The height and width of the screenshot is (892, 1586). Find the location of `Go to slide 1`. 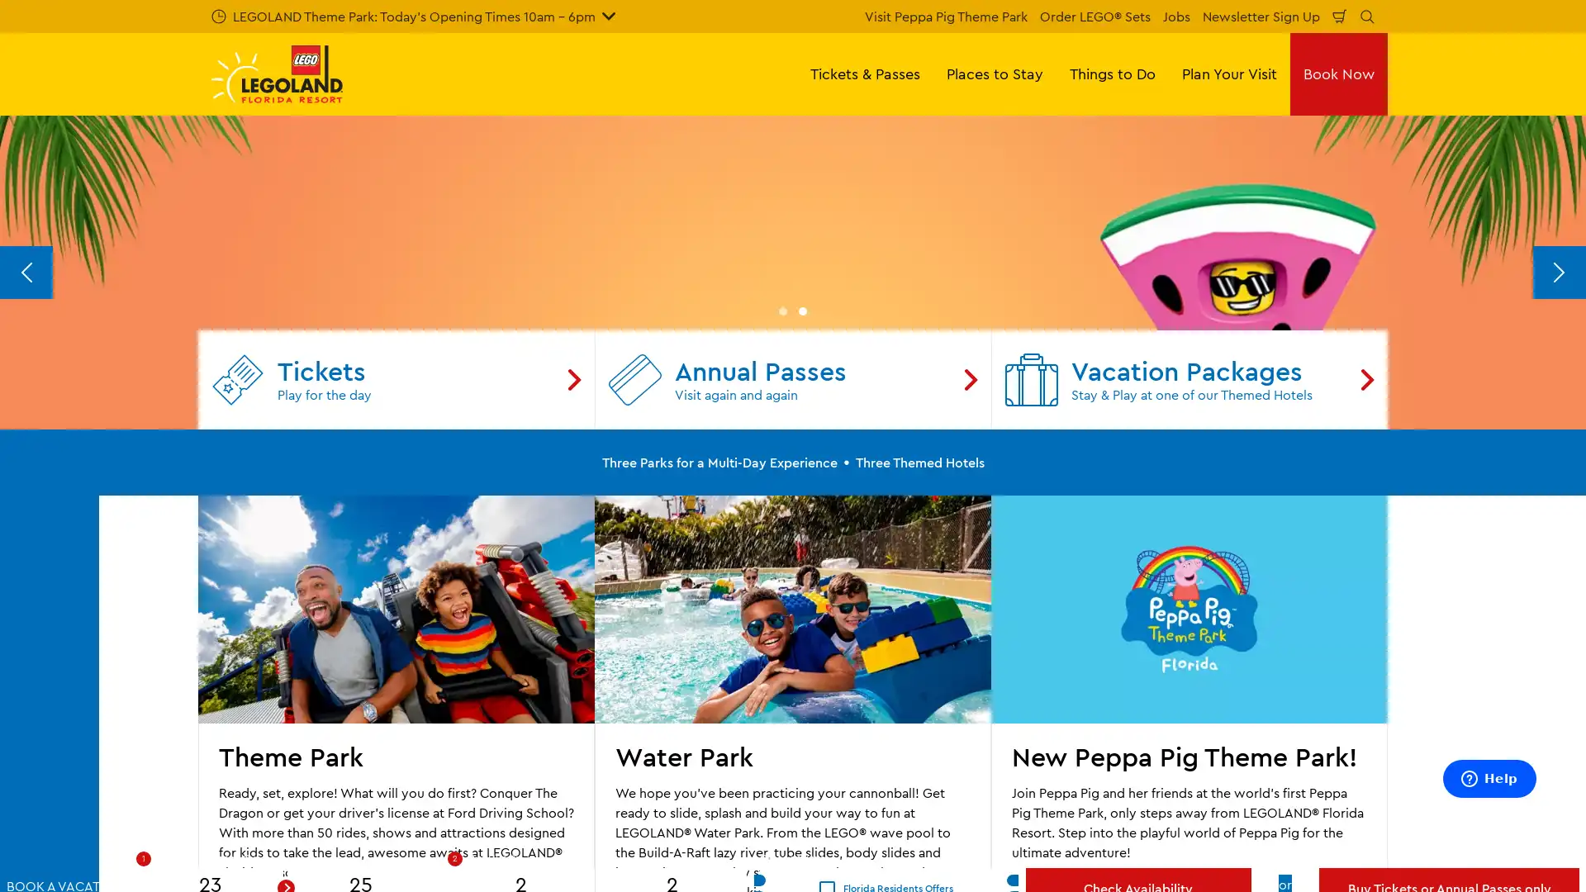

Go to slide 1 is located at coordinates (782, 639).